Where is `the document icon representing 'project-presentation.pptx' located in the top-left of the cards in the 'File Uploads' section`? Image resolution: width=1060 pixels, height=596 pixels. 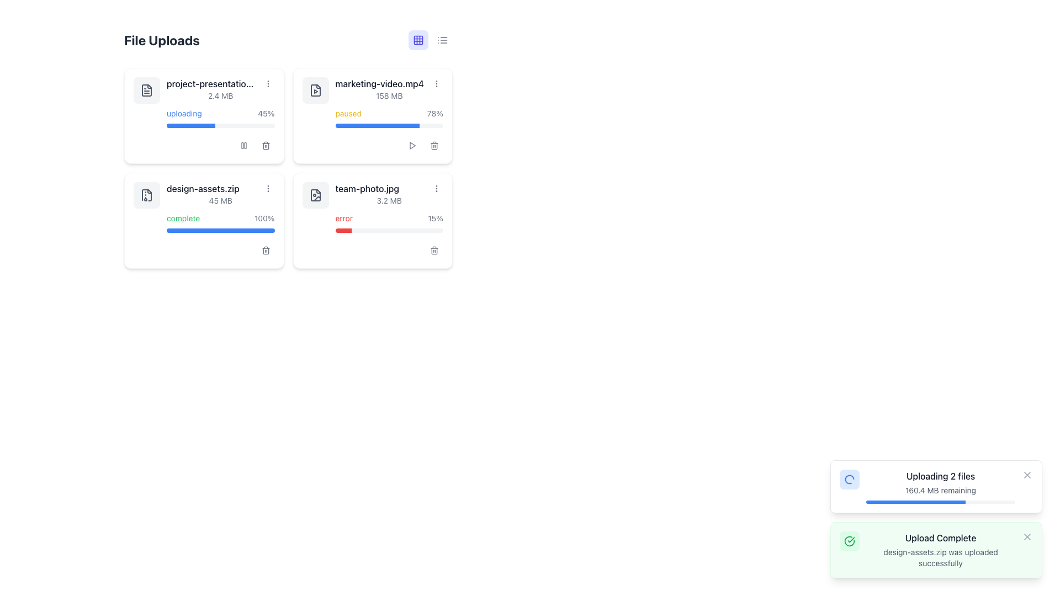 the document icon representing 'project-presentation.pptx' located in the top-left of the cards in the 'File Uploads' section is located at coordinates (146, 90).